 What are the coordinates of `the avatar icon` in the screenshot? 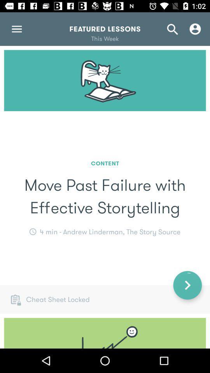 It's located at (194, 29).